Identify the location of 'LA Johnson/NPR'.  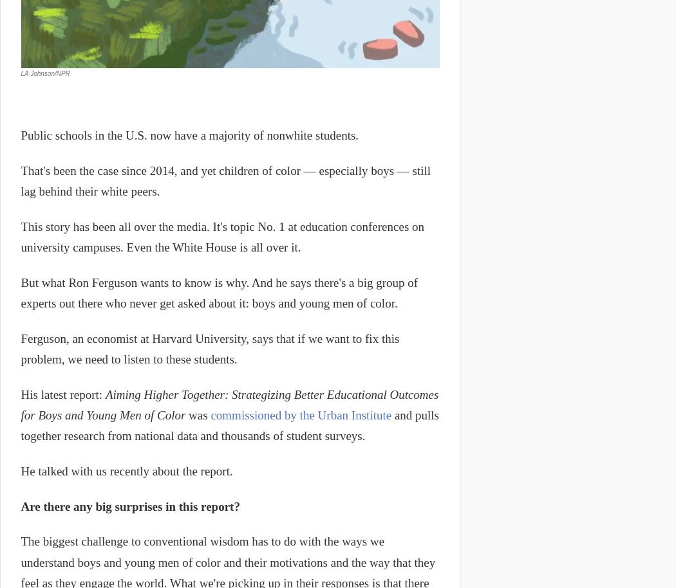
(21, 73).